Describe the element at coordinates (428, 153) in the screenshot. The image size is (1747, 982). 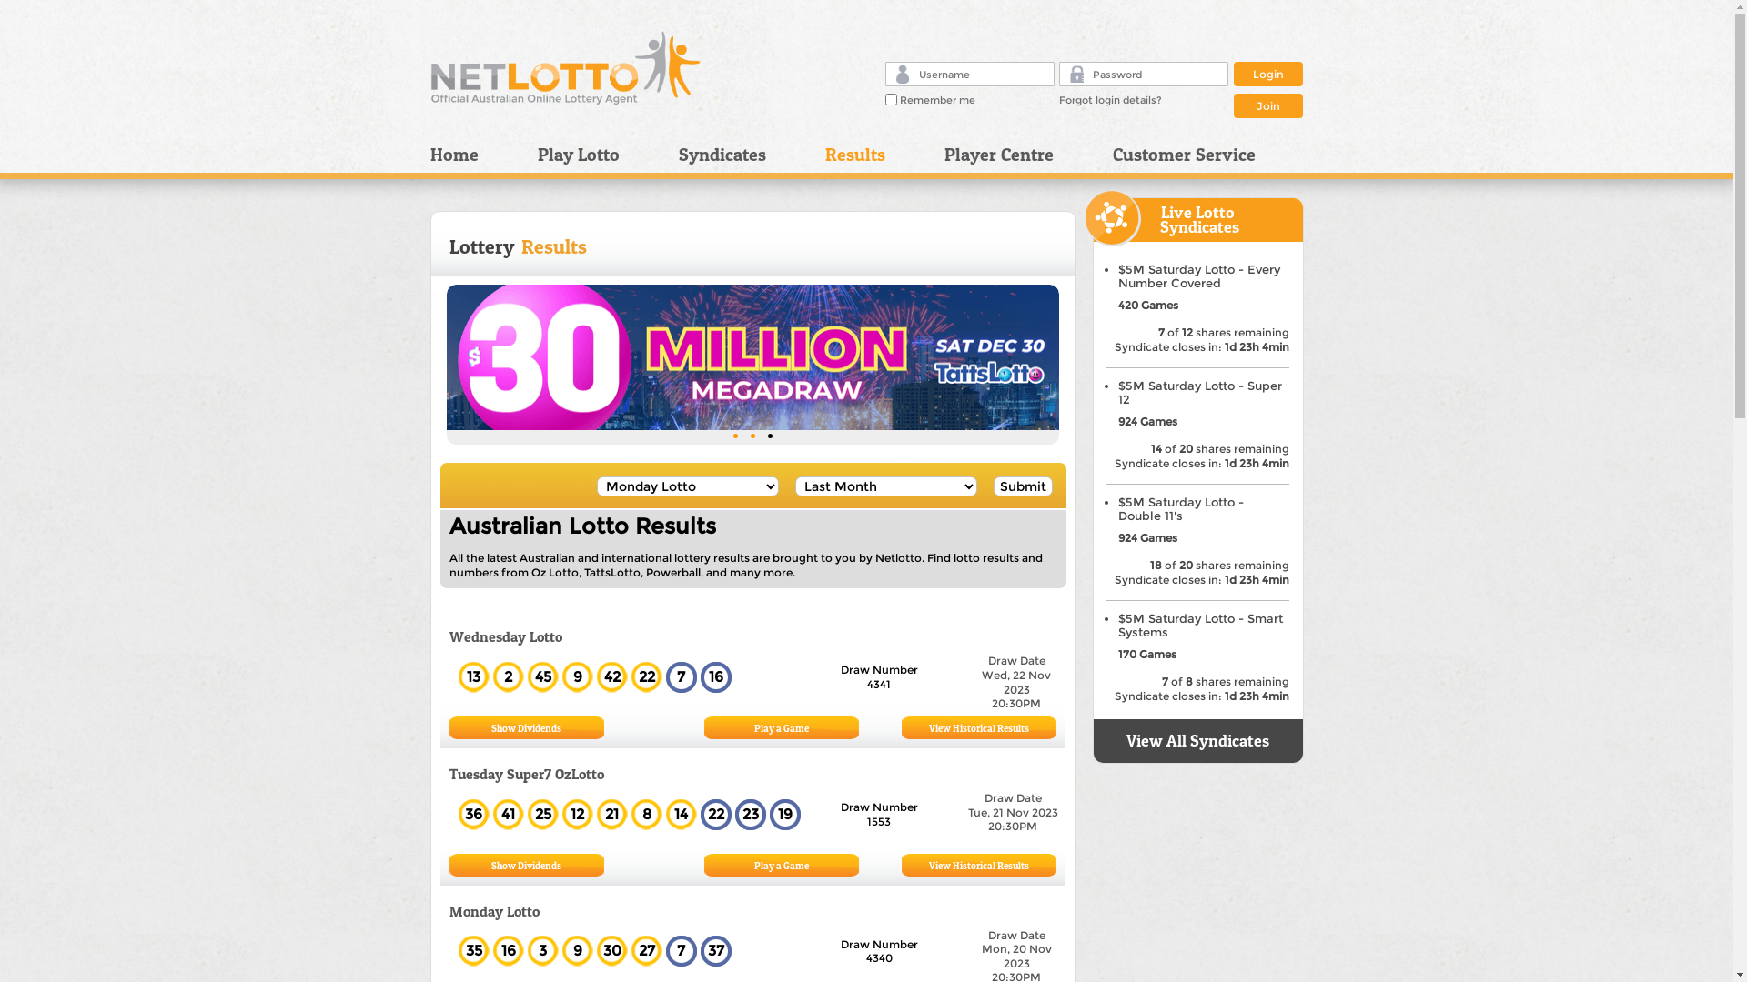
I see `'Home'` at that location.